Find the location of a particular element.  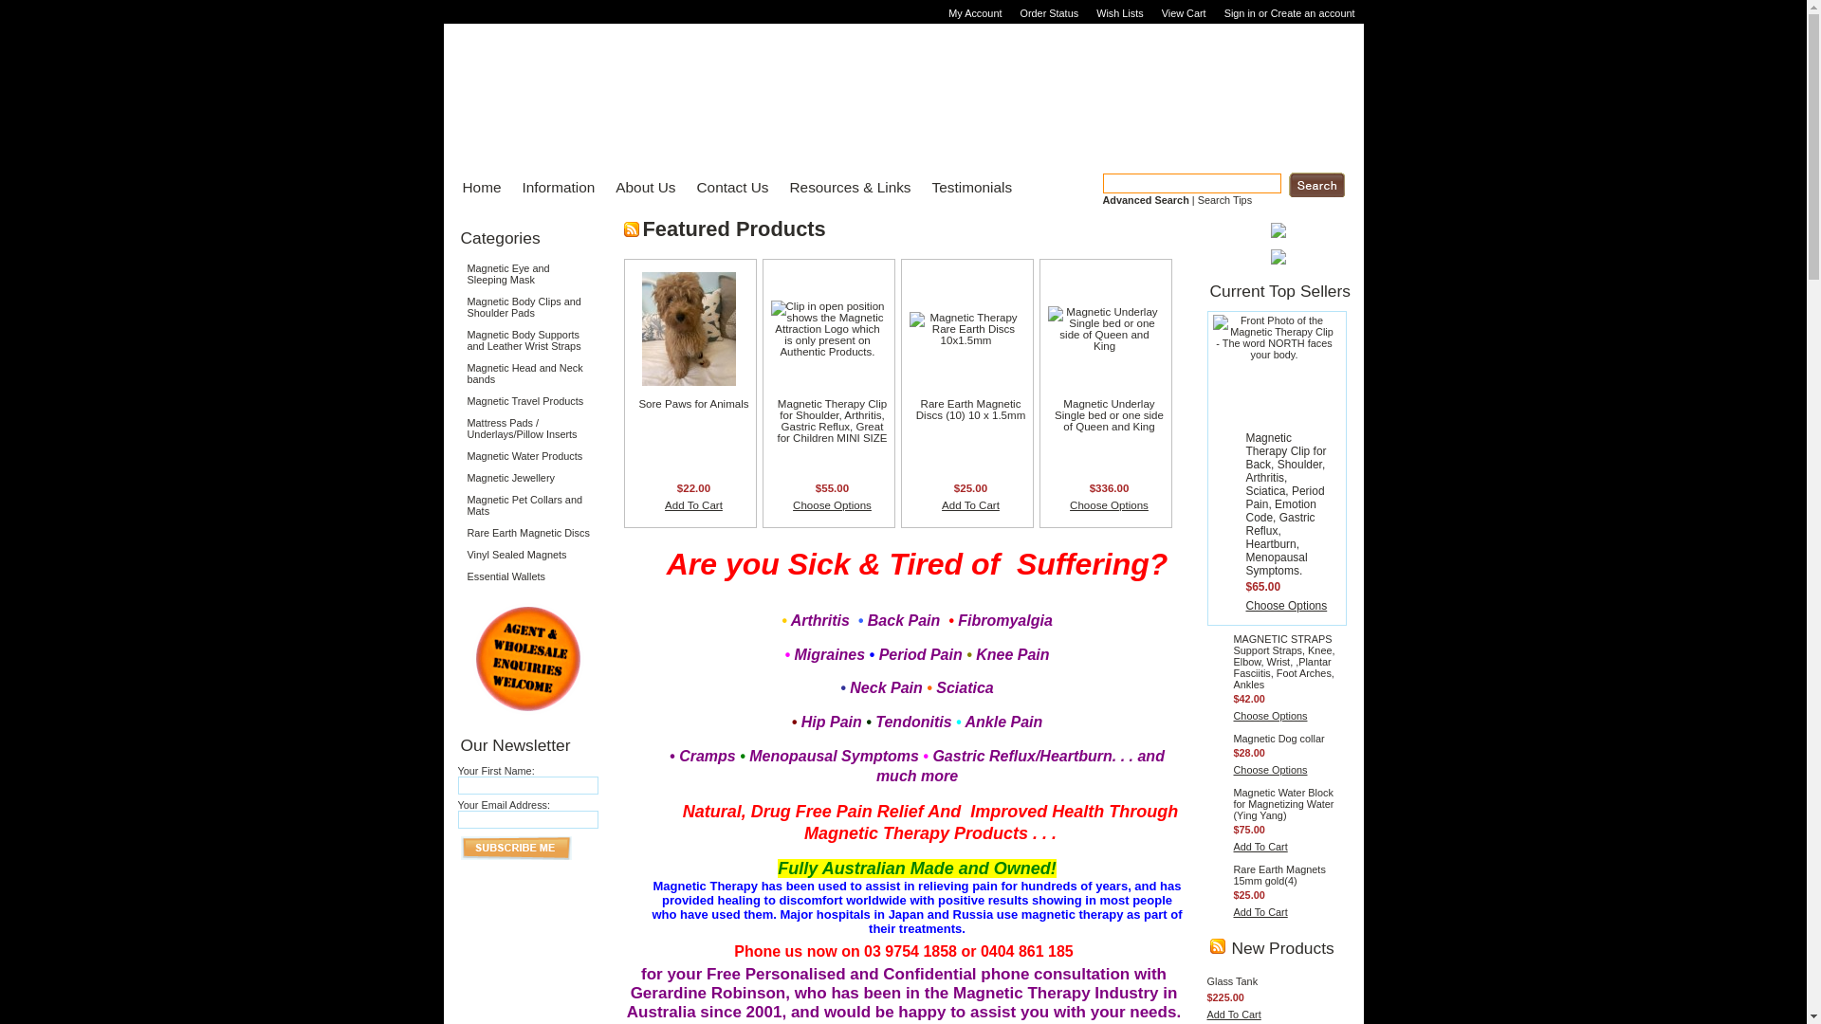

'Create an account' is located at coordinates (1270, 13).